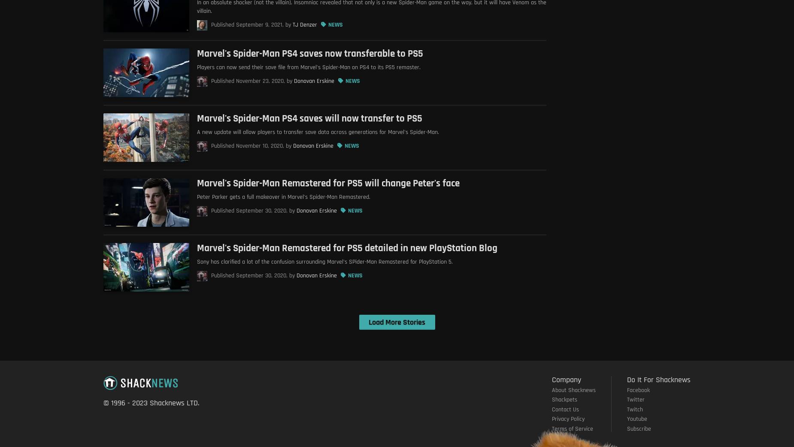 The width and height of the screenshot is (794, 447). What do you see at coordinates (284, 196) in the screenshot?
I see `'Peter Parker gets a full makeover in Marvel's Spider-Man Remastered.'` at bounding box center [284, 196].